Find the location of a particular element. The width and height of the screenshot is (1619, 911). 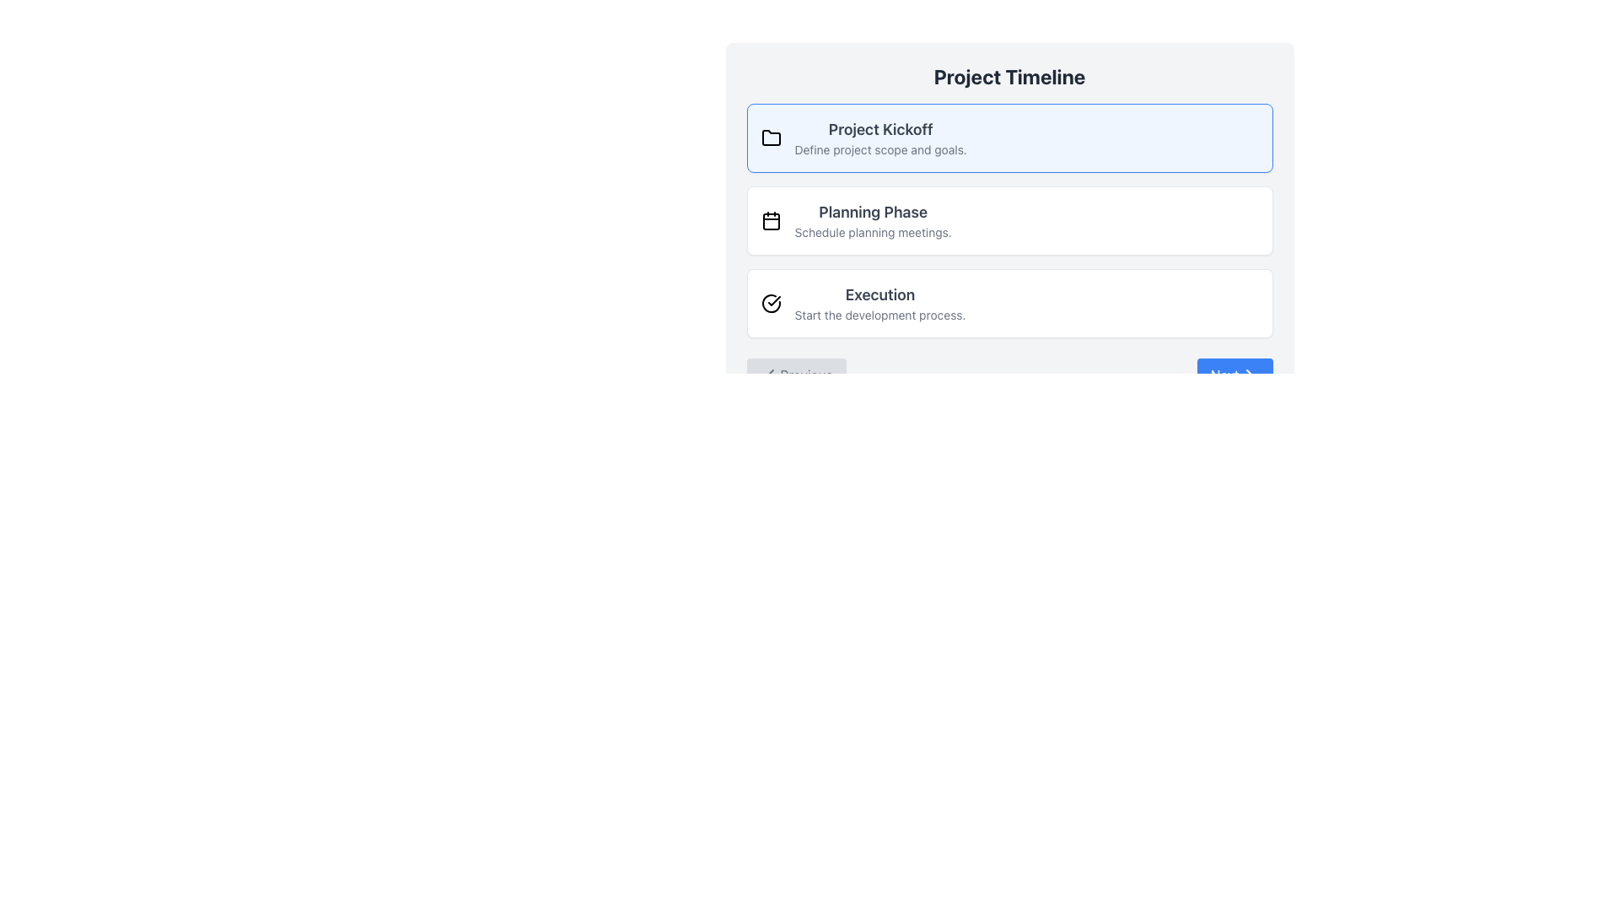

the 'Next' button which encompasses the right-pointing chevron icon to move forward is located at coordinates (1249, 374).